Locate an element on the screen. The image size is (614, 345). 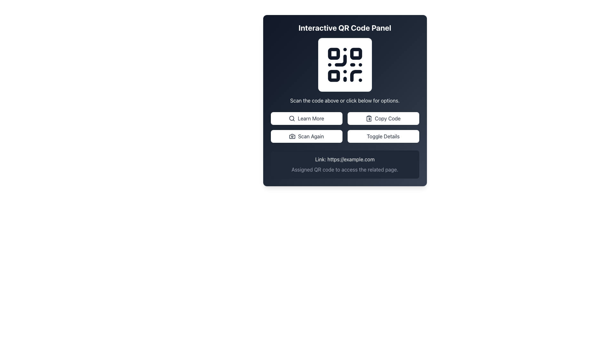
the 'Scan Again' button with keyboard navigation is located at coordinates (306, 136).